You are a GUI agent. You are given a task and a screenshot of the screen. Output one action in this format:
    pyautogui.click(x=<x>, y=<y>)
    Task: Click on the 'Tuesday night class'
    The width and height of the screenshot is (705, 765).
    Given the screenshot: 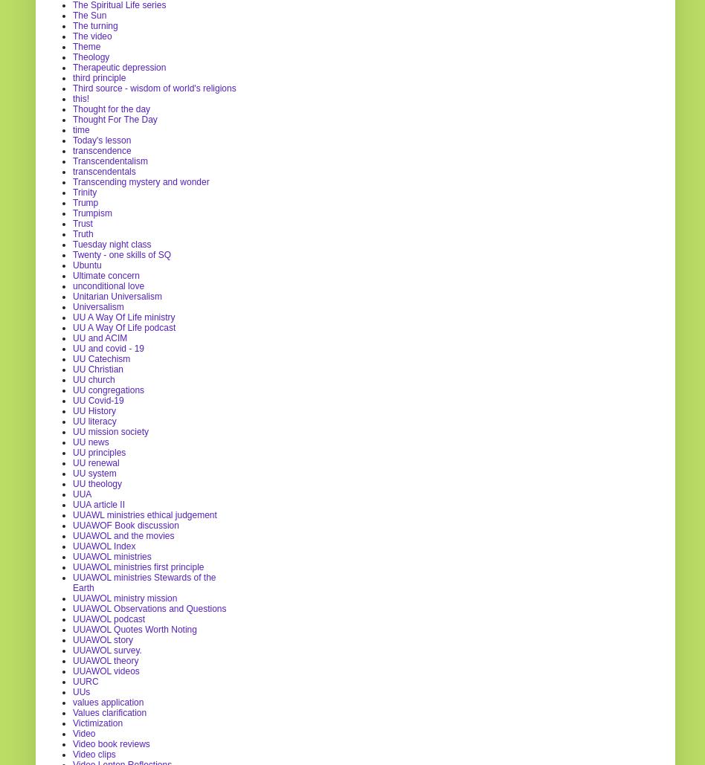 What is the action you would take?
    pyautogui.click(x=111, y=244)
    